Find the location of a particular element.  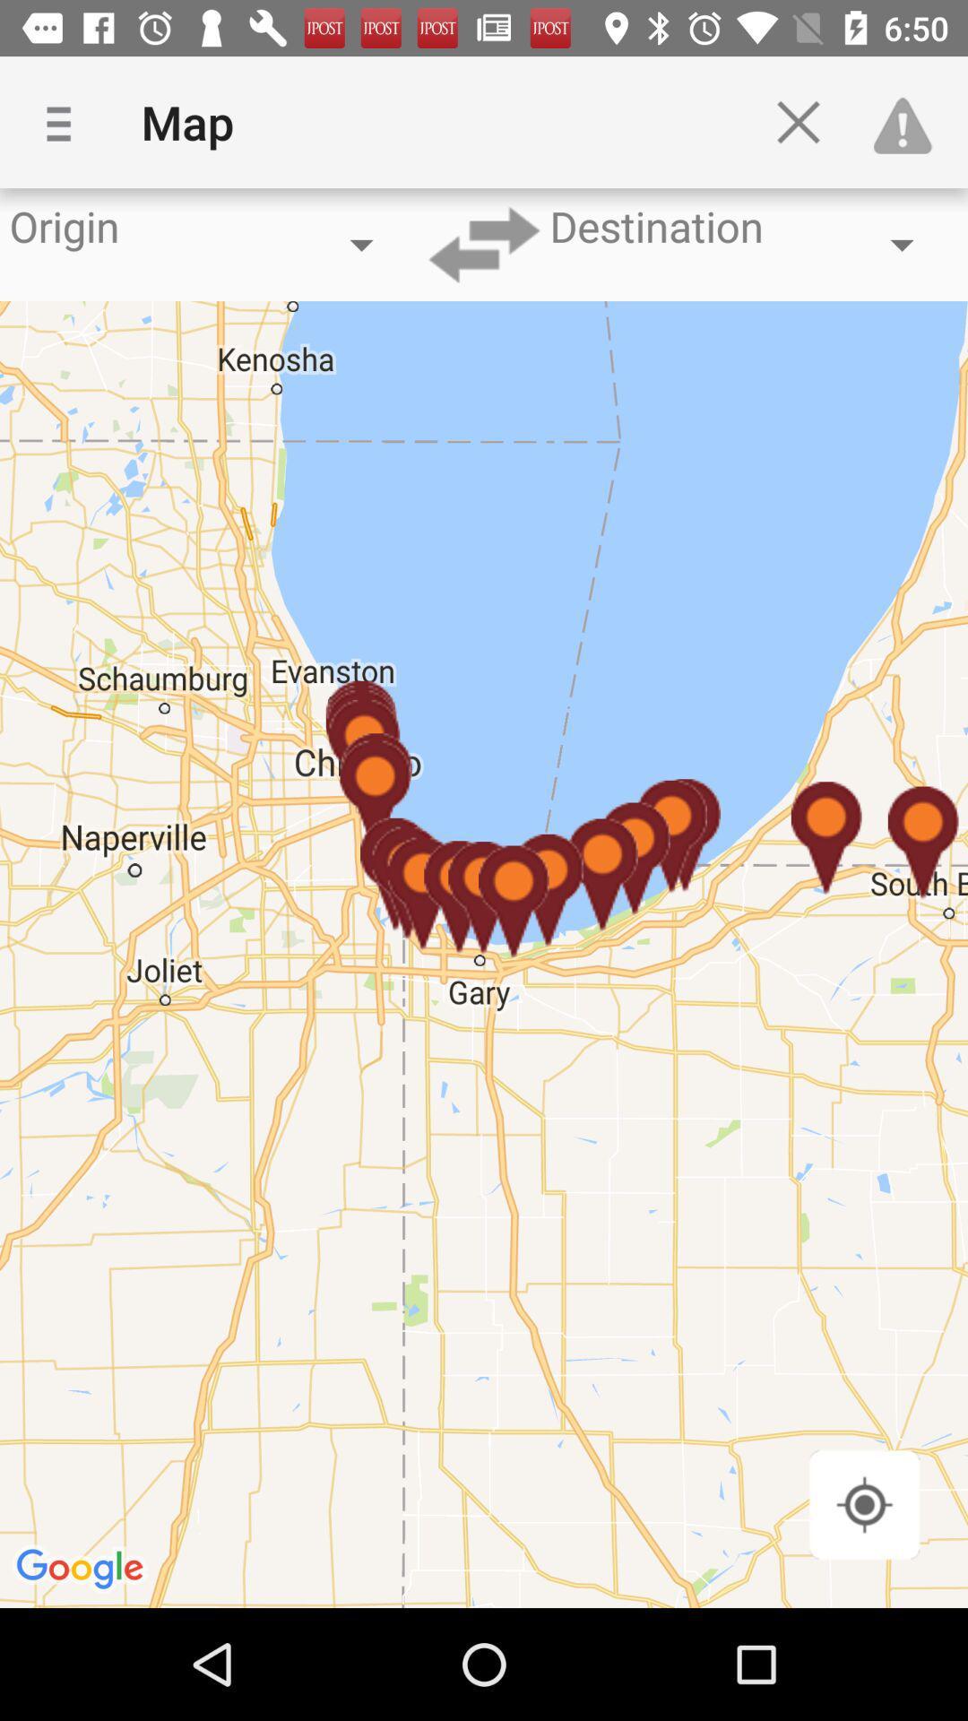

south shore is located at coordinates (863, 1504).